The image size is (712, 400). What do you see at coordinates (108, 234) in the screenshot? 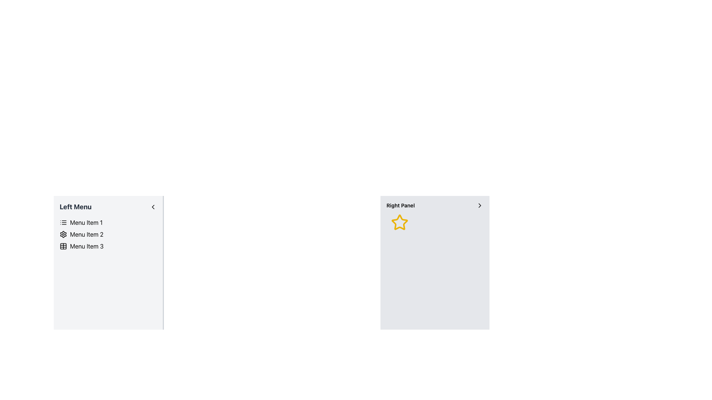
I see `the Menu List Item labeled 'Menu Item 2'` at bounding box center [108, 234].